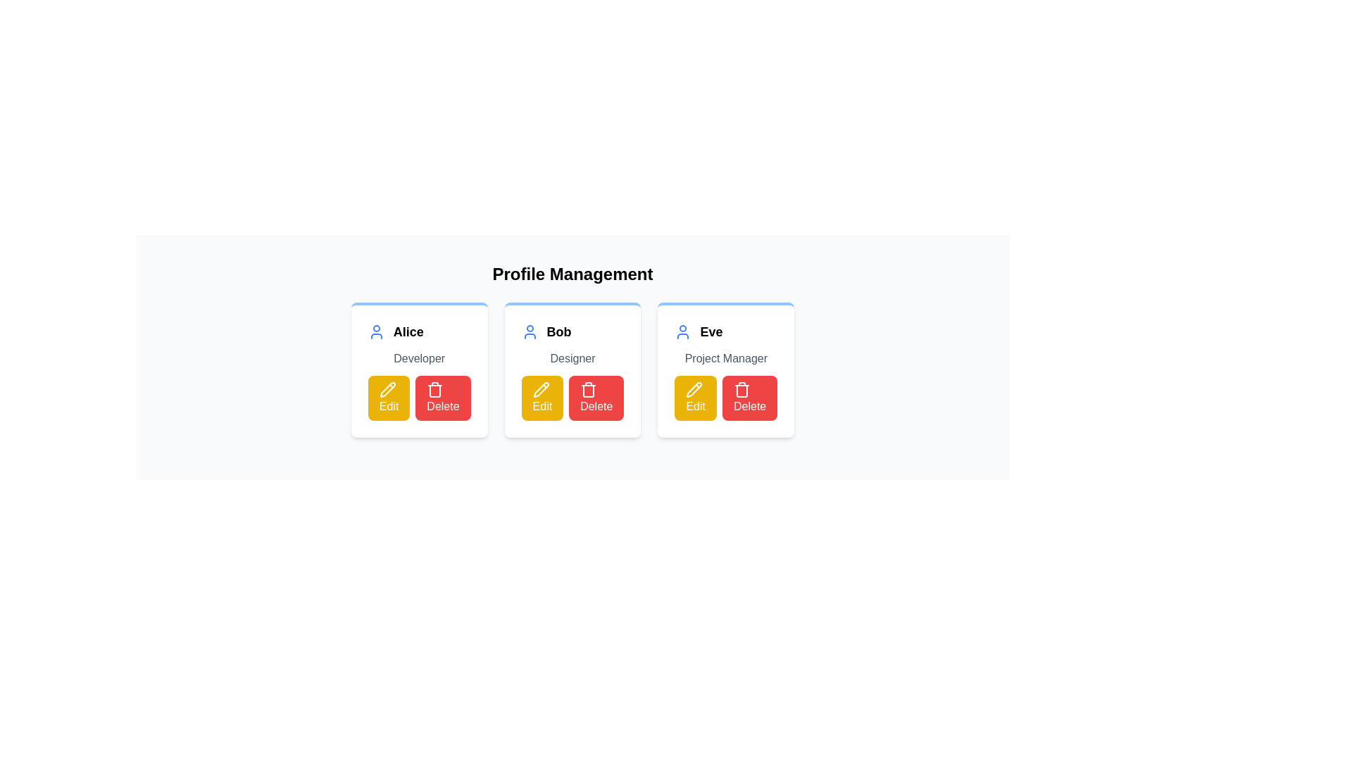 The height and width of the screenshot is (760, 1352). Describe the element at coordinates (694, 390) in the screenshot. I see `the icon button for editing 'Eve's' profile information located in the third profile card from the left, below the text fields and to the left of the red trash can icon` at that location.